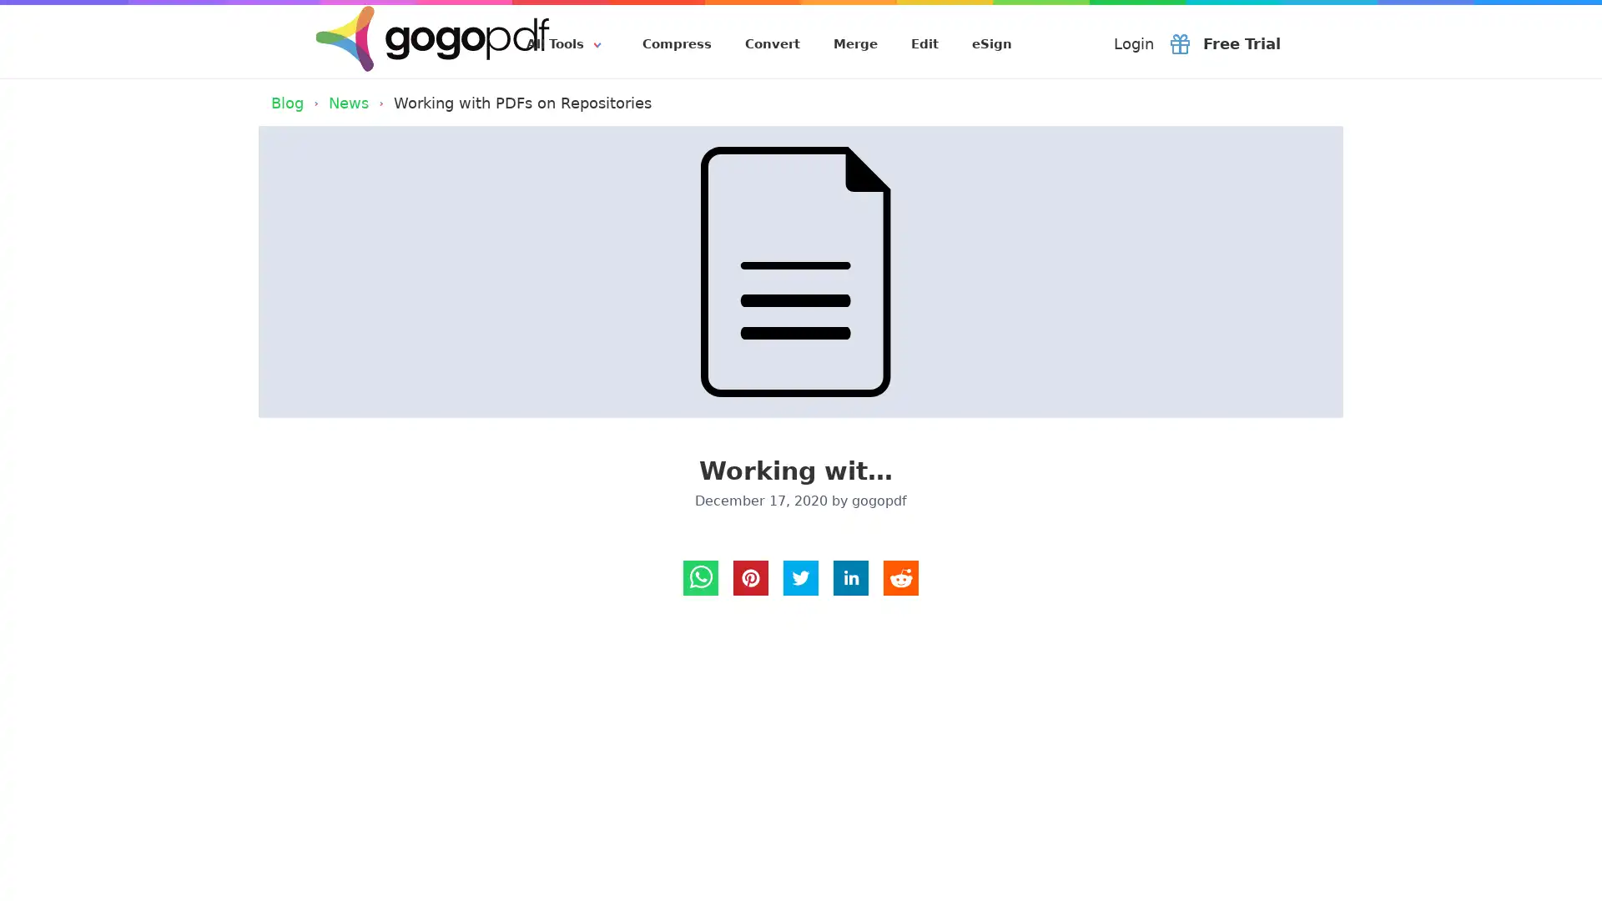  What do you see at coordinates (347, 103) in the screenshot?
I see `News` at bounding box center [347, 103].